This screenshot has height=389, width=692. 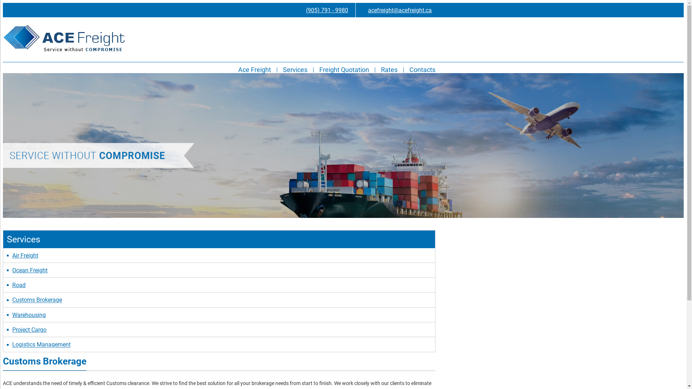 What do you see at coordinates (36, 300) in the screenshot?
I see `'Customs Brokerage'` at bounding box center [36, 300].